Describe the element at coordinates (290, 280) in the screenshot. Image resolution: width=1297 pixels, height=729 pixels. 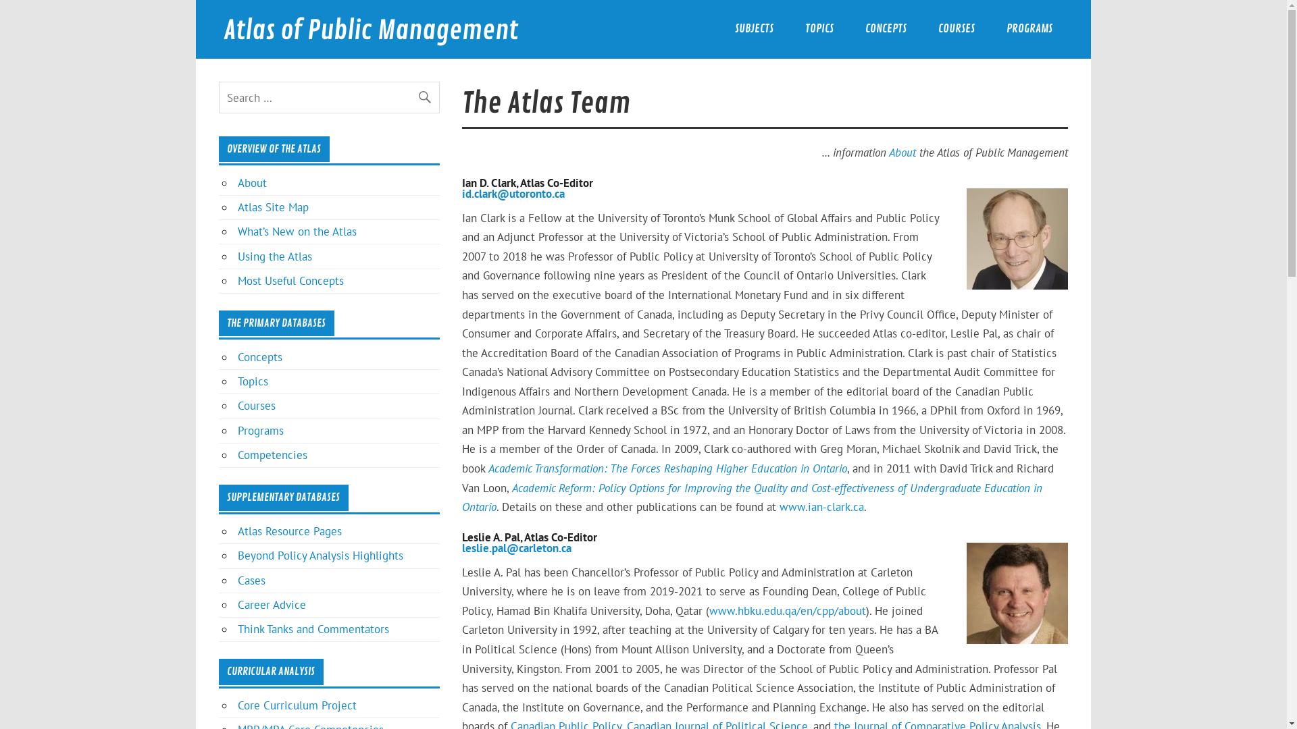
I see `'Most Useful Concepts'` at that location.